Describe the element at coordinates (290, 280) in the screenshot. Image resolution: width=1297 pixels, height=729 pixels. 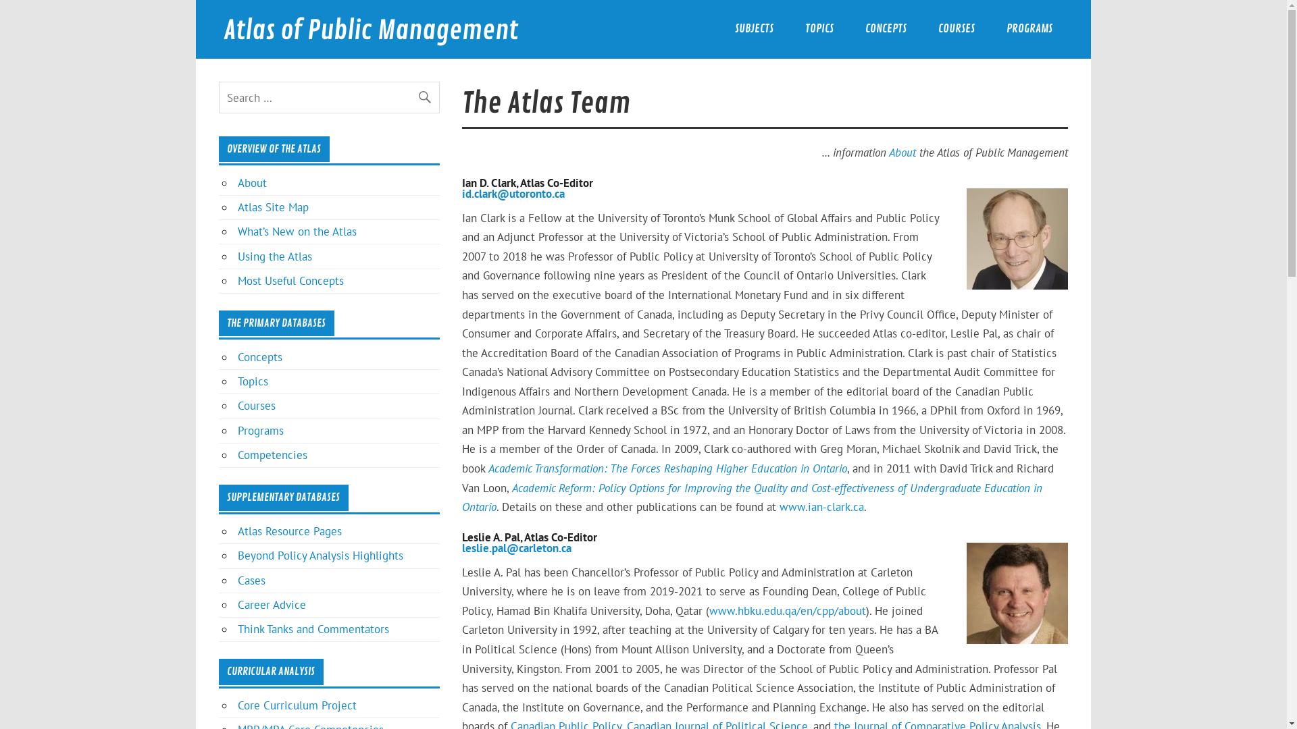
I see `'Most Useful Concepts'` at that location.